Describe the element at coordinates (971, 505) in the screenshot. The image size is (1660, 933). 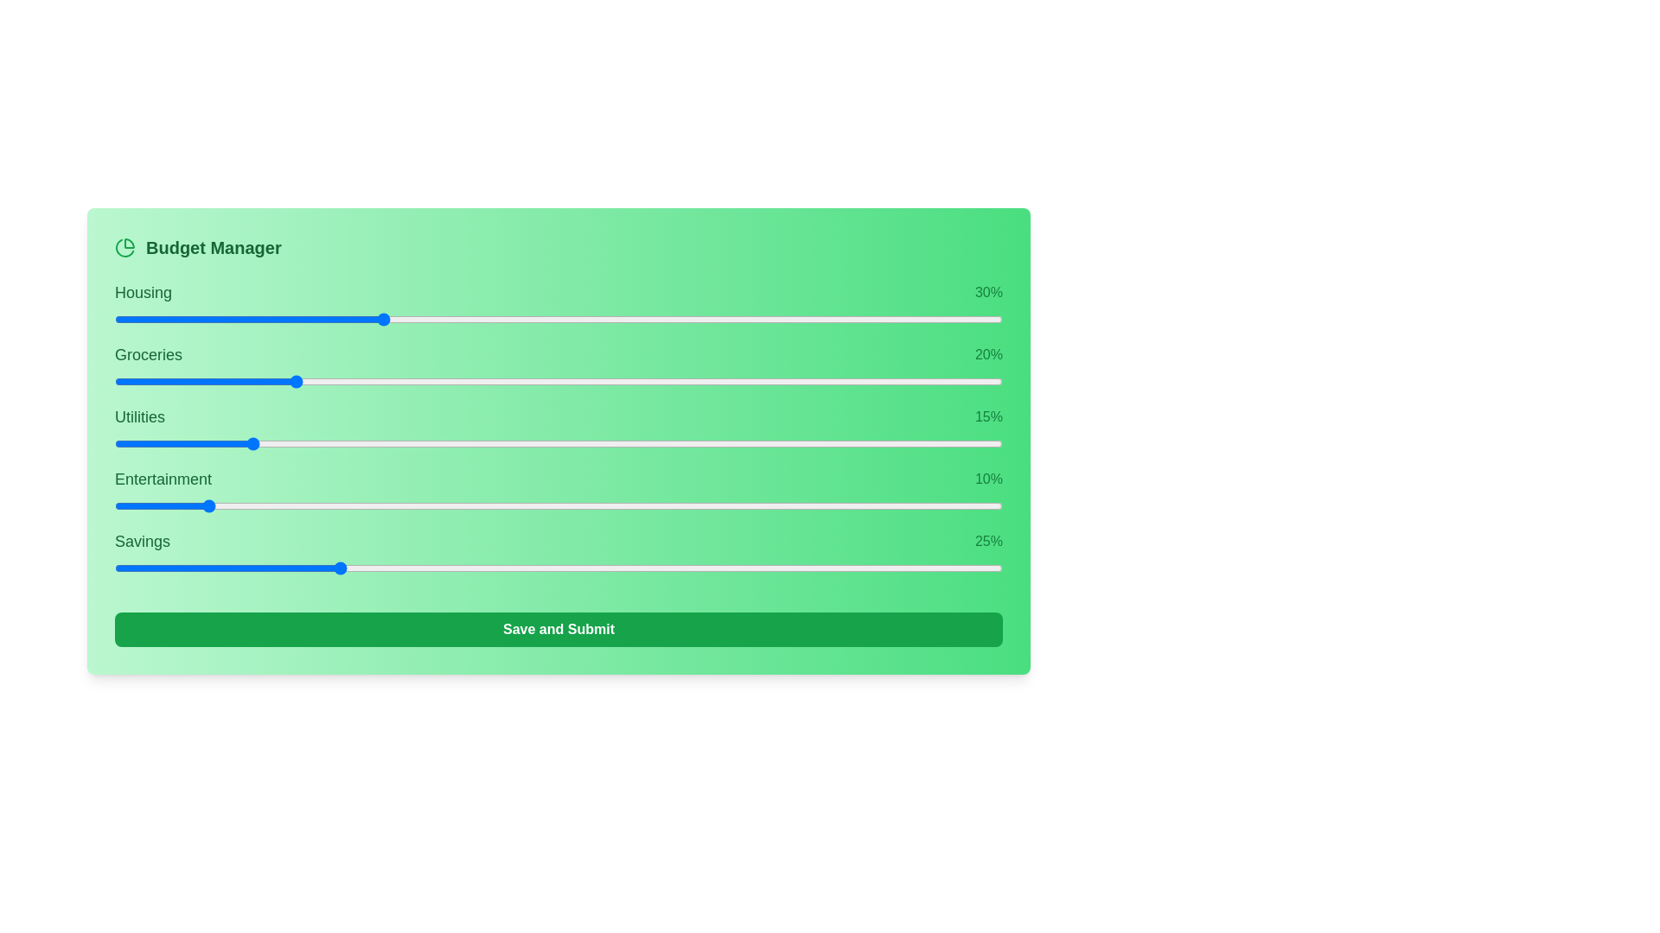
I see `the slider for 3 to 93% allocation` at that location.